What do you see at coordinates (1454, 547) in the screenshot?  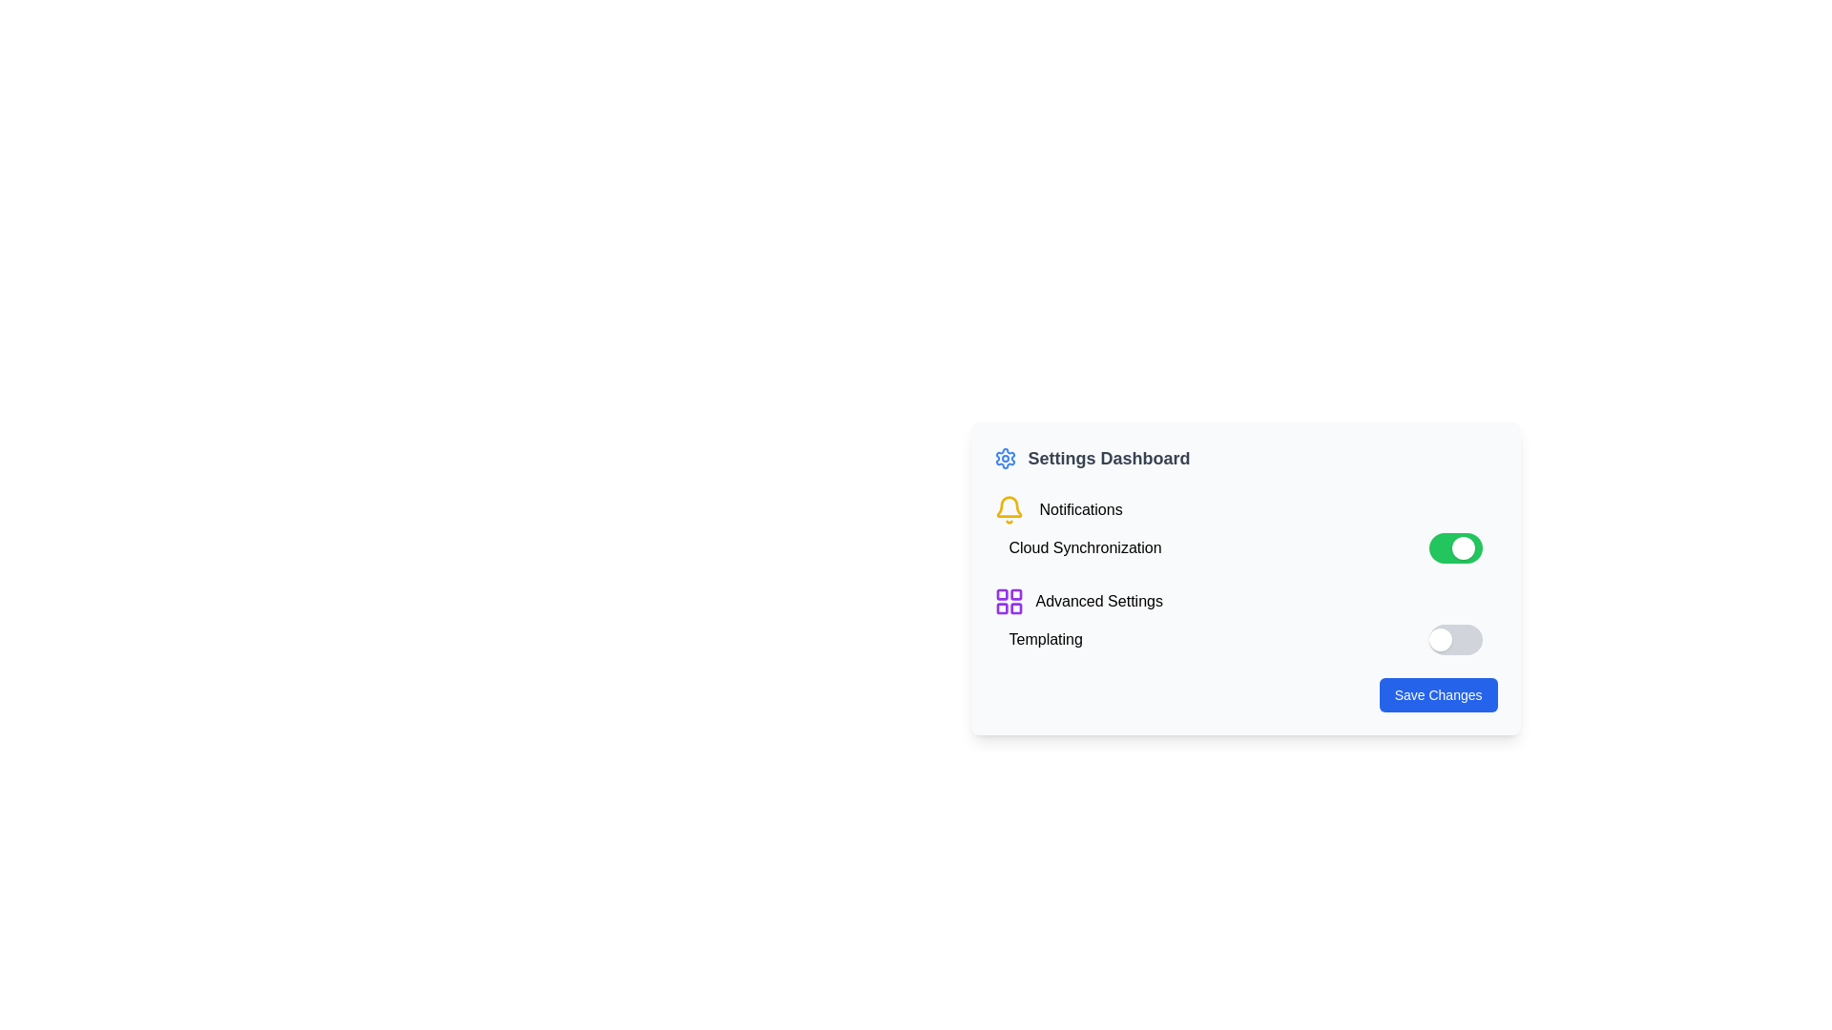 I see `the toggle switch located on the right side of the 'Cloud Synchronization' text label` at bounding box center [1454, 547].